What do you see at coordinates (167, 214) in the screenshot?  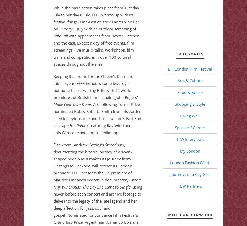 I see `'@thelondonword'` at bounding box center [167, 214].